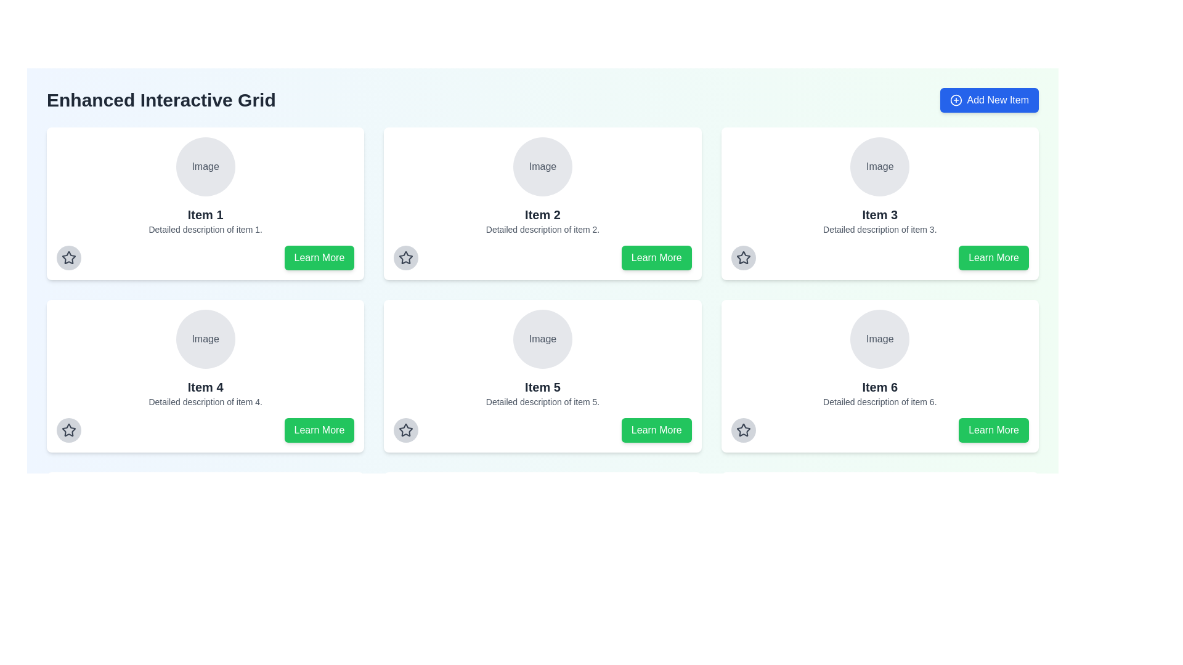  What do you see at coordinates (879, 401) in the screenshot?
I see `the text snippet reading 'Detailed description of item 6.' located at the bottom section of the 'Item 6' card, underneath the title text 'Item 6'` at bounding box center [879, 401].